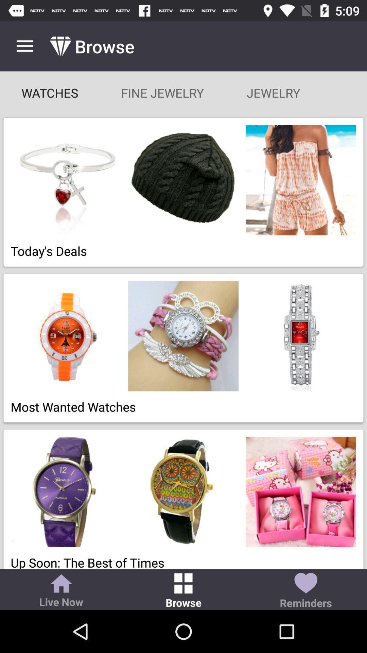 This screenshot has height=653, width=367. Describe the element at coordinates (61, 591) in the screenshot. I see `the item next to the browse icon` at that location.